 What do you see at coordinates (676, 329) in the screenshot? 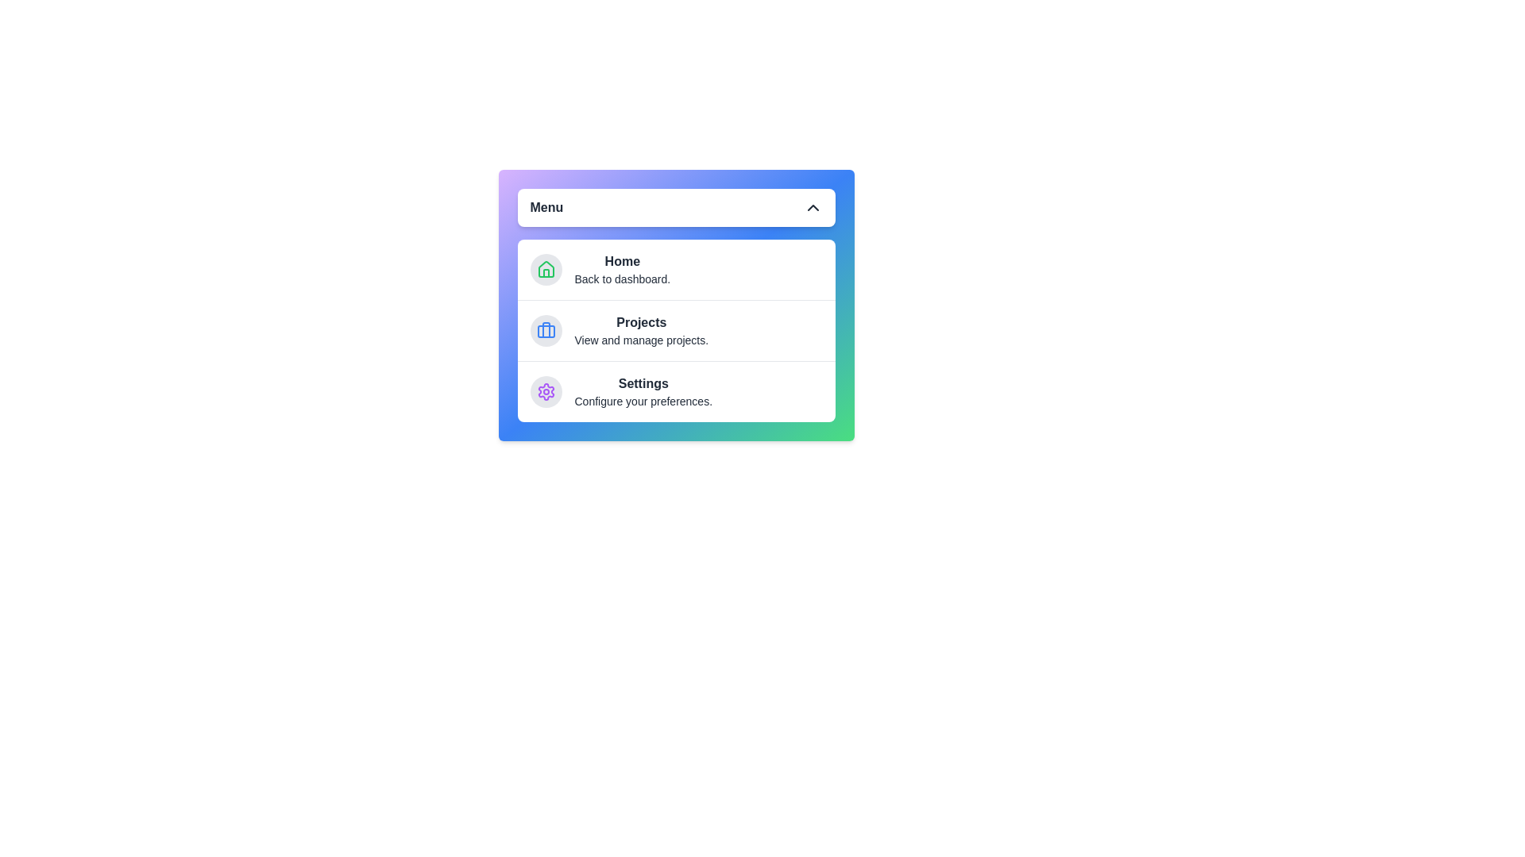
I see `the menu item Projects to see its hover effect` at bounding box center [676, 329].